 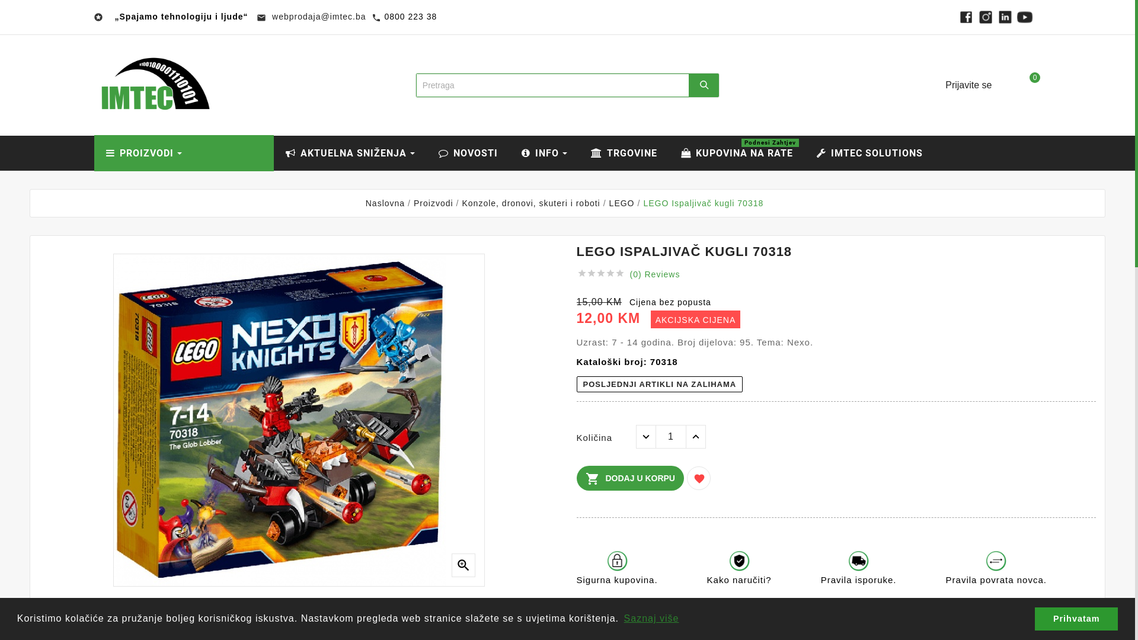 What do you see at coordinates (468, 152) in the screenshot?
I see `'NOVOSTI'` at bounding box center [468, 152].